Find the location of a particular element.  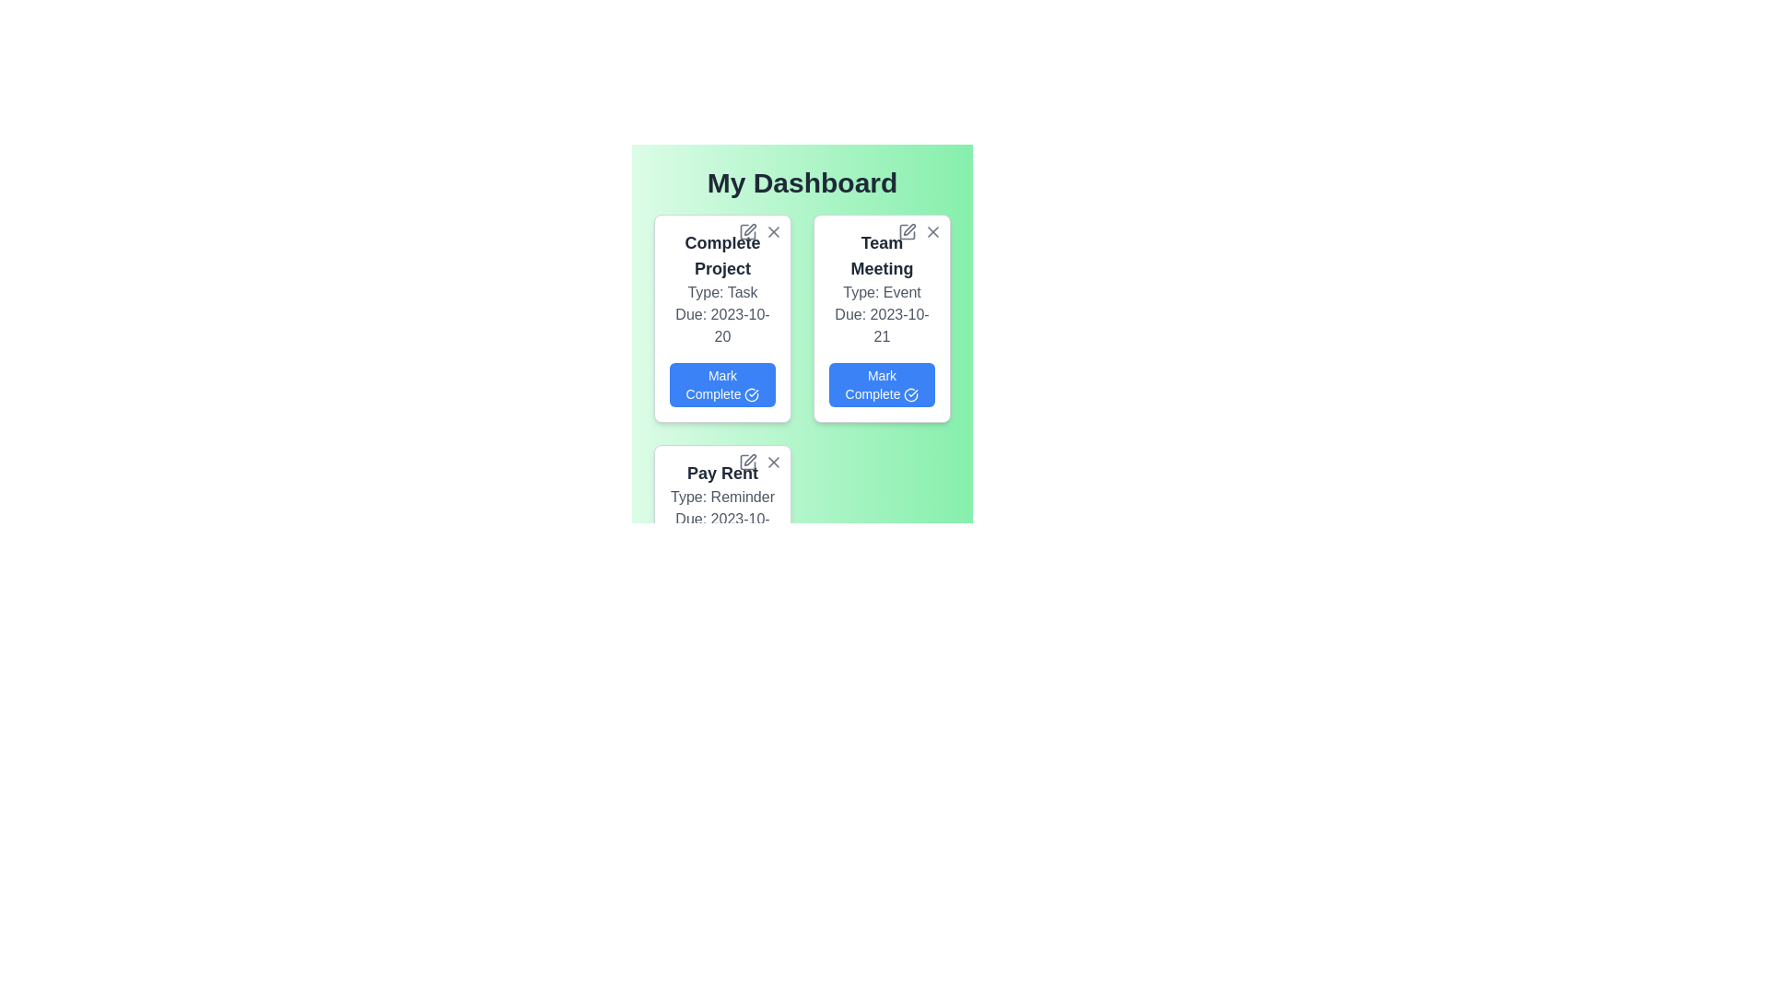

the text display element that indicates the classification of the task as 'Task', which is located beneath the title in the 'Complete Project' card is located at coordinates (721, 291).